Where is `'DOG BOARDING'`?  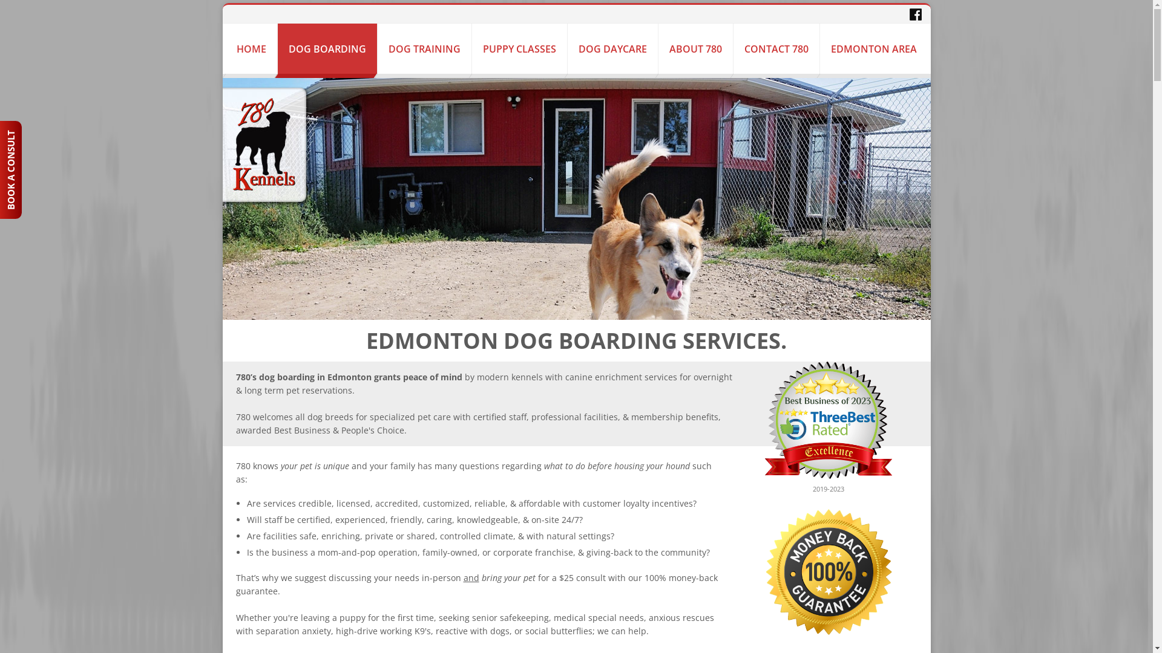 'DOG BOARDING' is located at coordinates (326, 48).